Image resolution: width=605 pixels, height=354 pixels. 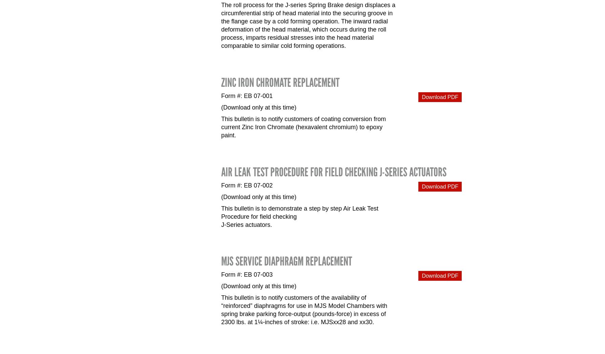 What do you see at coordinates (280, 82) in the screenshot?
I see `'Zinc Iron Chromate Replacement'` at bounding box center [280, 82].